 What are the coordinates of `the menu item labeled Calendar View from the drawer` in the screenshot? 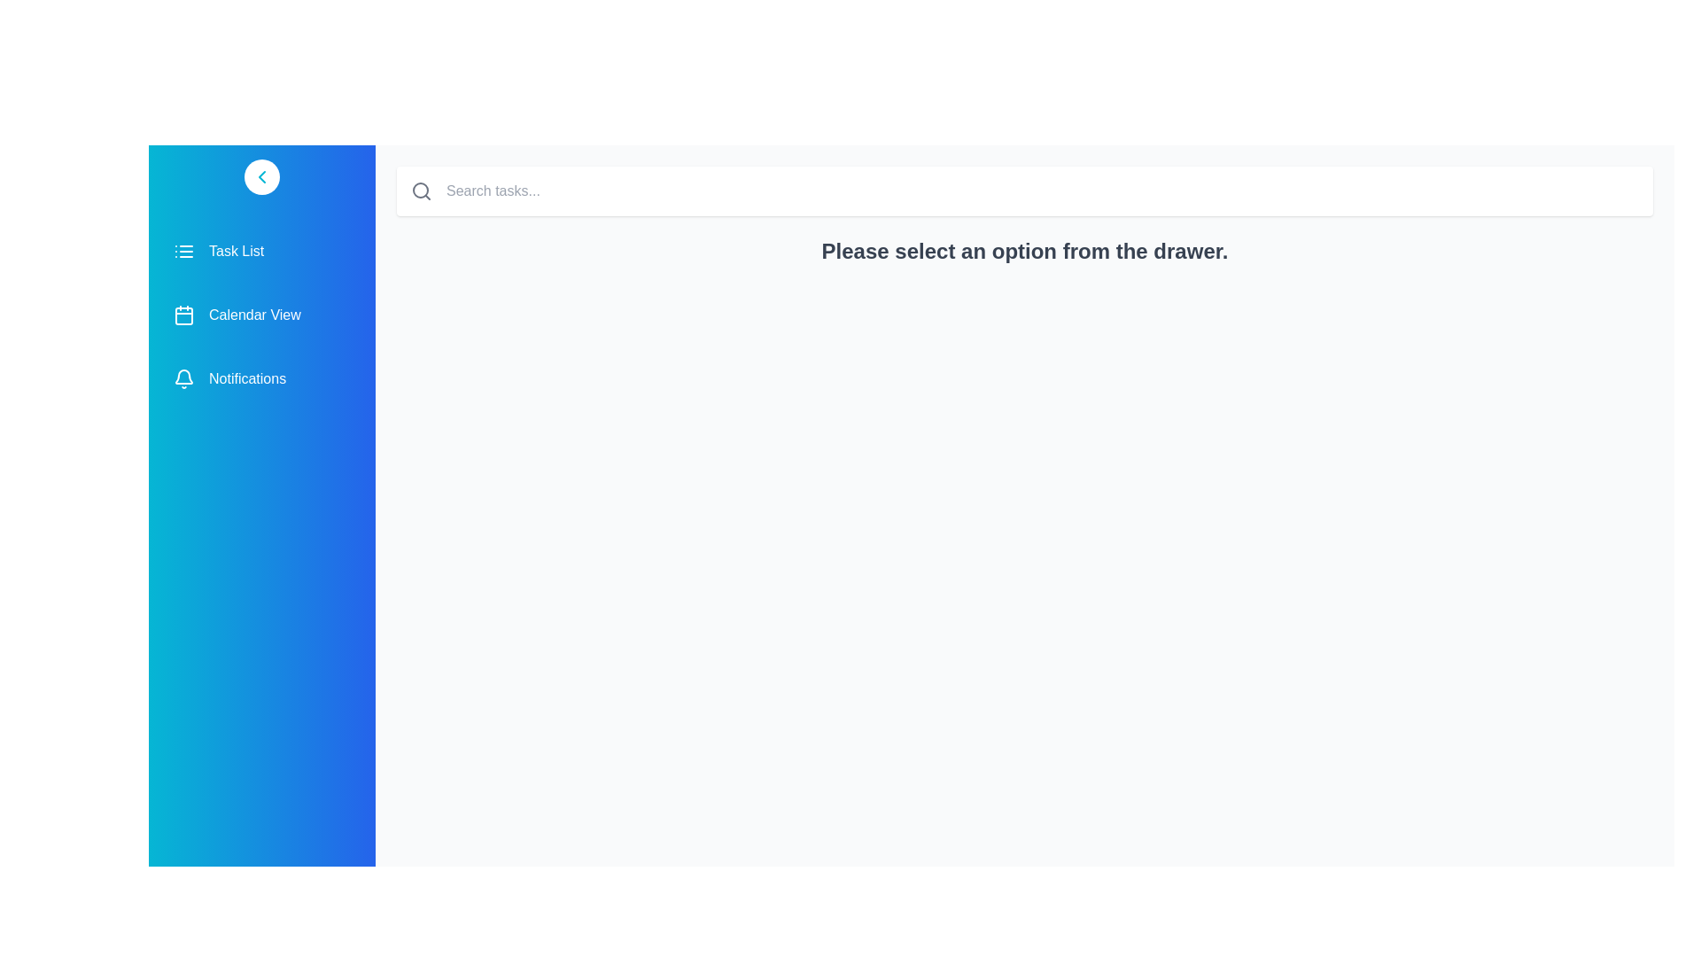 It's located at (261, 314).